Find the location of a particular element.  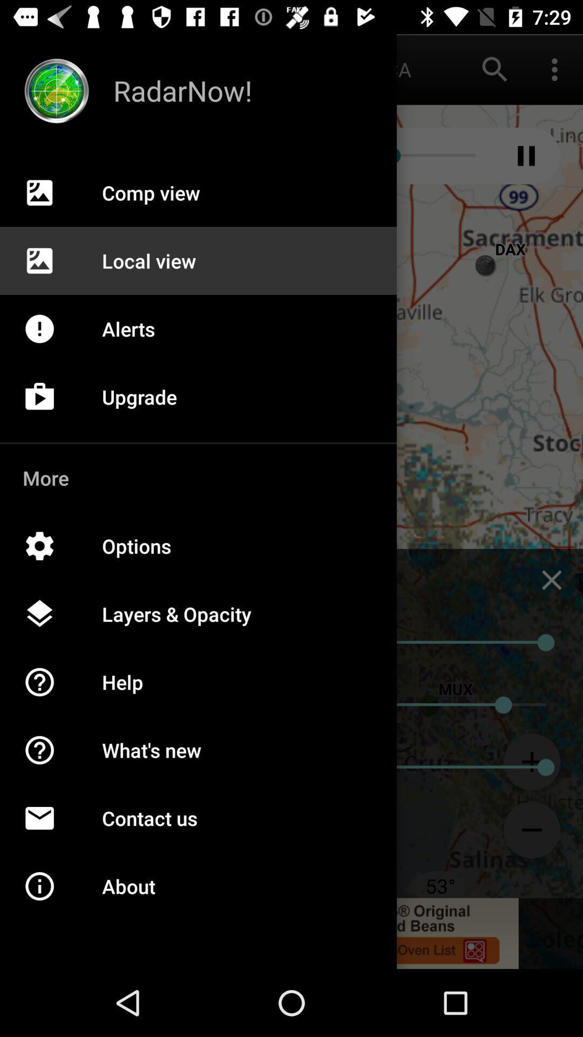

the pause icon is located at coordinates (526, 155).